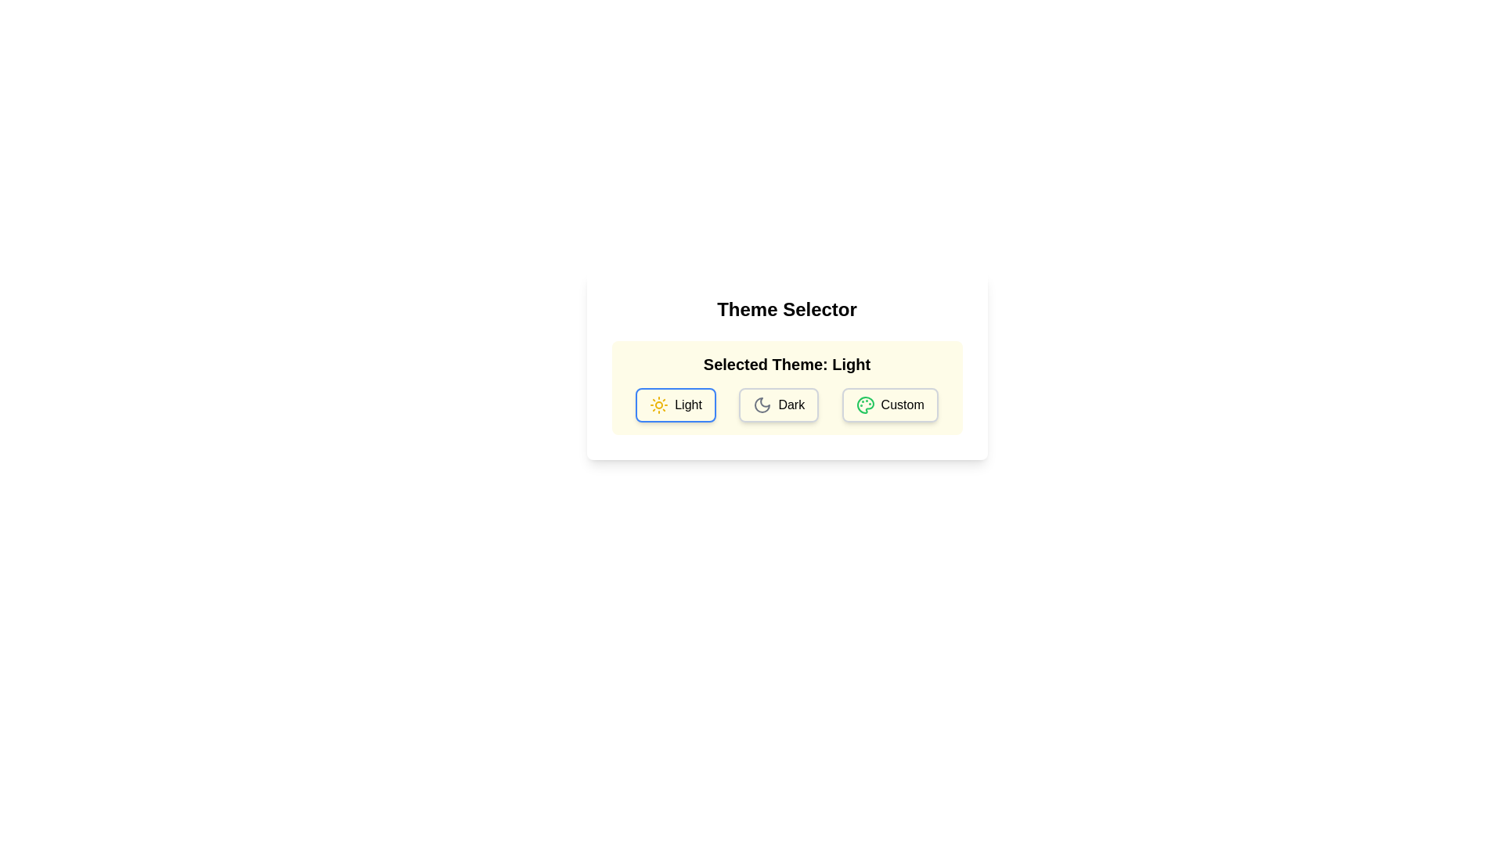  I want to click on the 'Light' toggle button, so click(676, 404).